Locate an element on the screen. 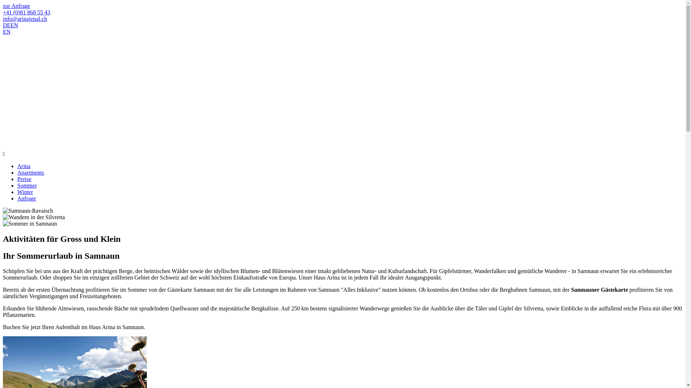  'Apart Garni Arina in Samnaun' is located at coordinates (3, 121).